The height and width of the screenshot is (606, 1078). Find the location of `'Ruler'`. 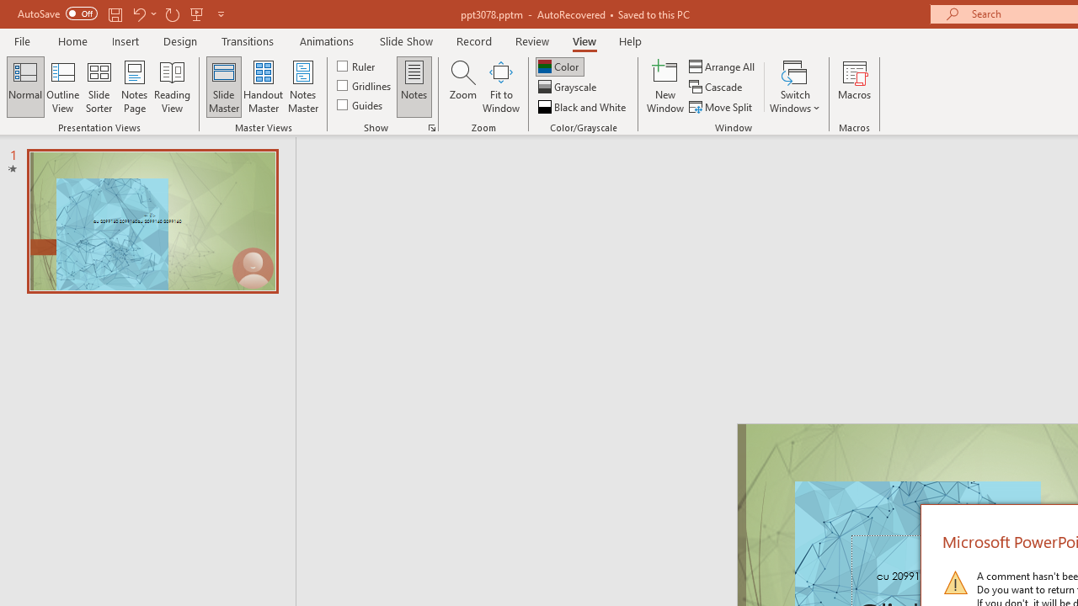

'Ruler' is located at coordinates (356, 65).